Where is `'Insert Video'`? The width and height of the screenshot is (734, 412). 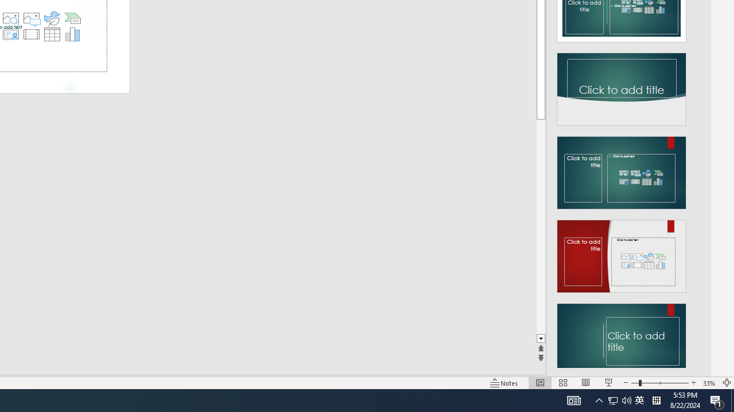
'Insert Video' is located at coordinates (31, 34).